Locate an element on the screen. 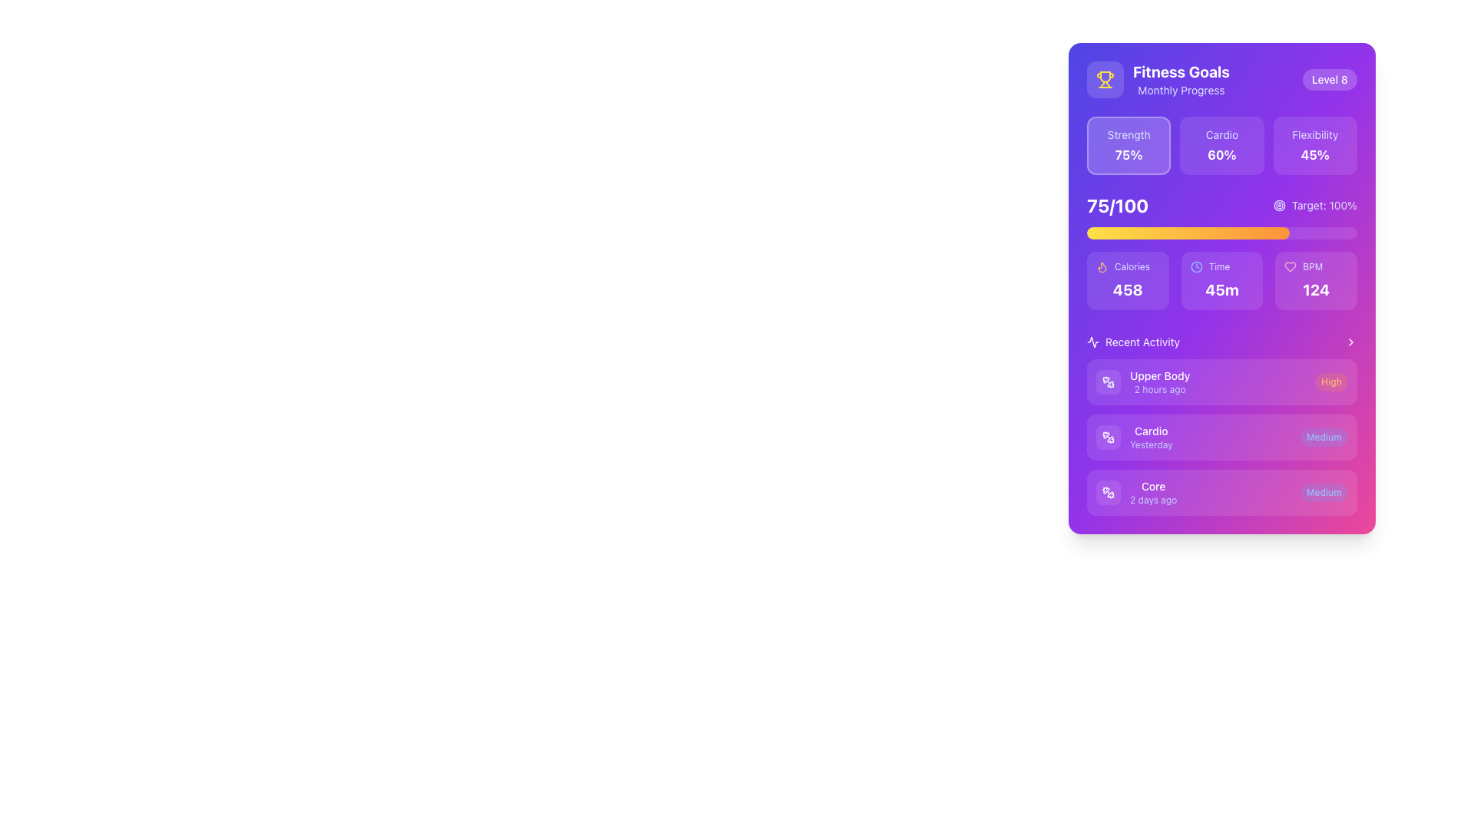 The height and width of the screenshot is (829, 1474). the small icon representing activity or movement, which is located next to the label 'Recent Activity' in the recent activity section of the interface is located at coordinates (1092, 342).